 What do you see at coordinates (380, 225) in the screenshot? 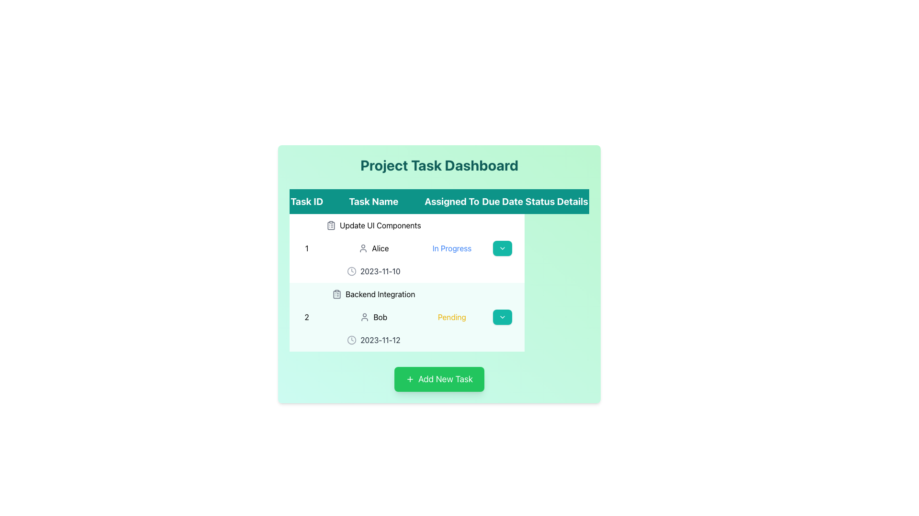
I see `the Static Text element displaying 'Update UI Components', located in the second column of the first row of the task table, next to the clipboard icon` at bounding box center [380, 225].